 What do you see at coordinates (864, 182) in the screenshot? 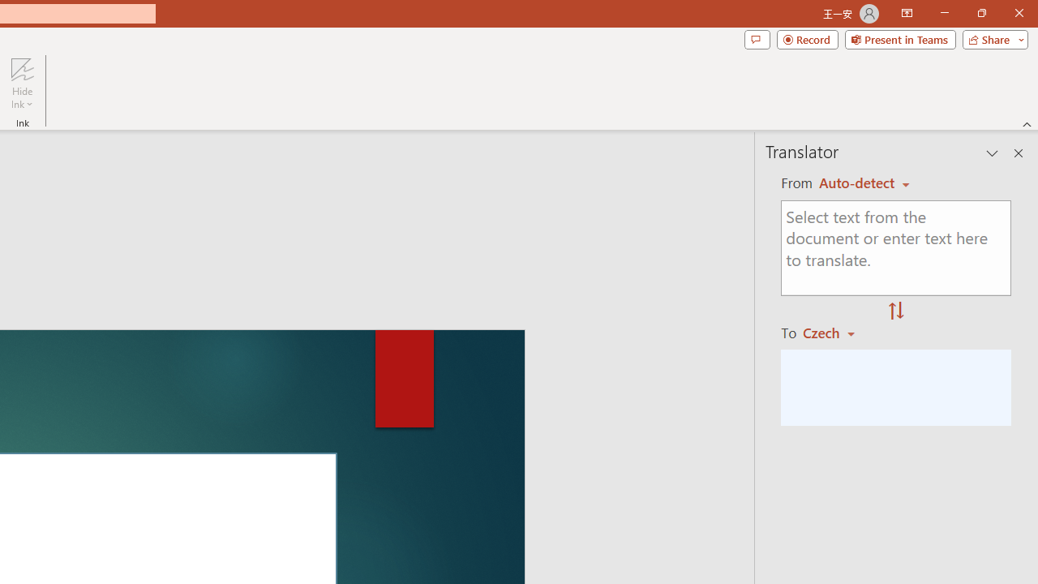
I see `'Auto-detect'` at bounding box center [864, 182].